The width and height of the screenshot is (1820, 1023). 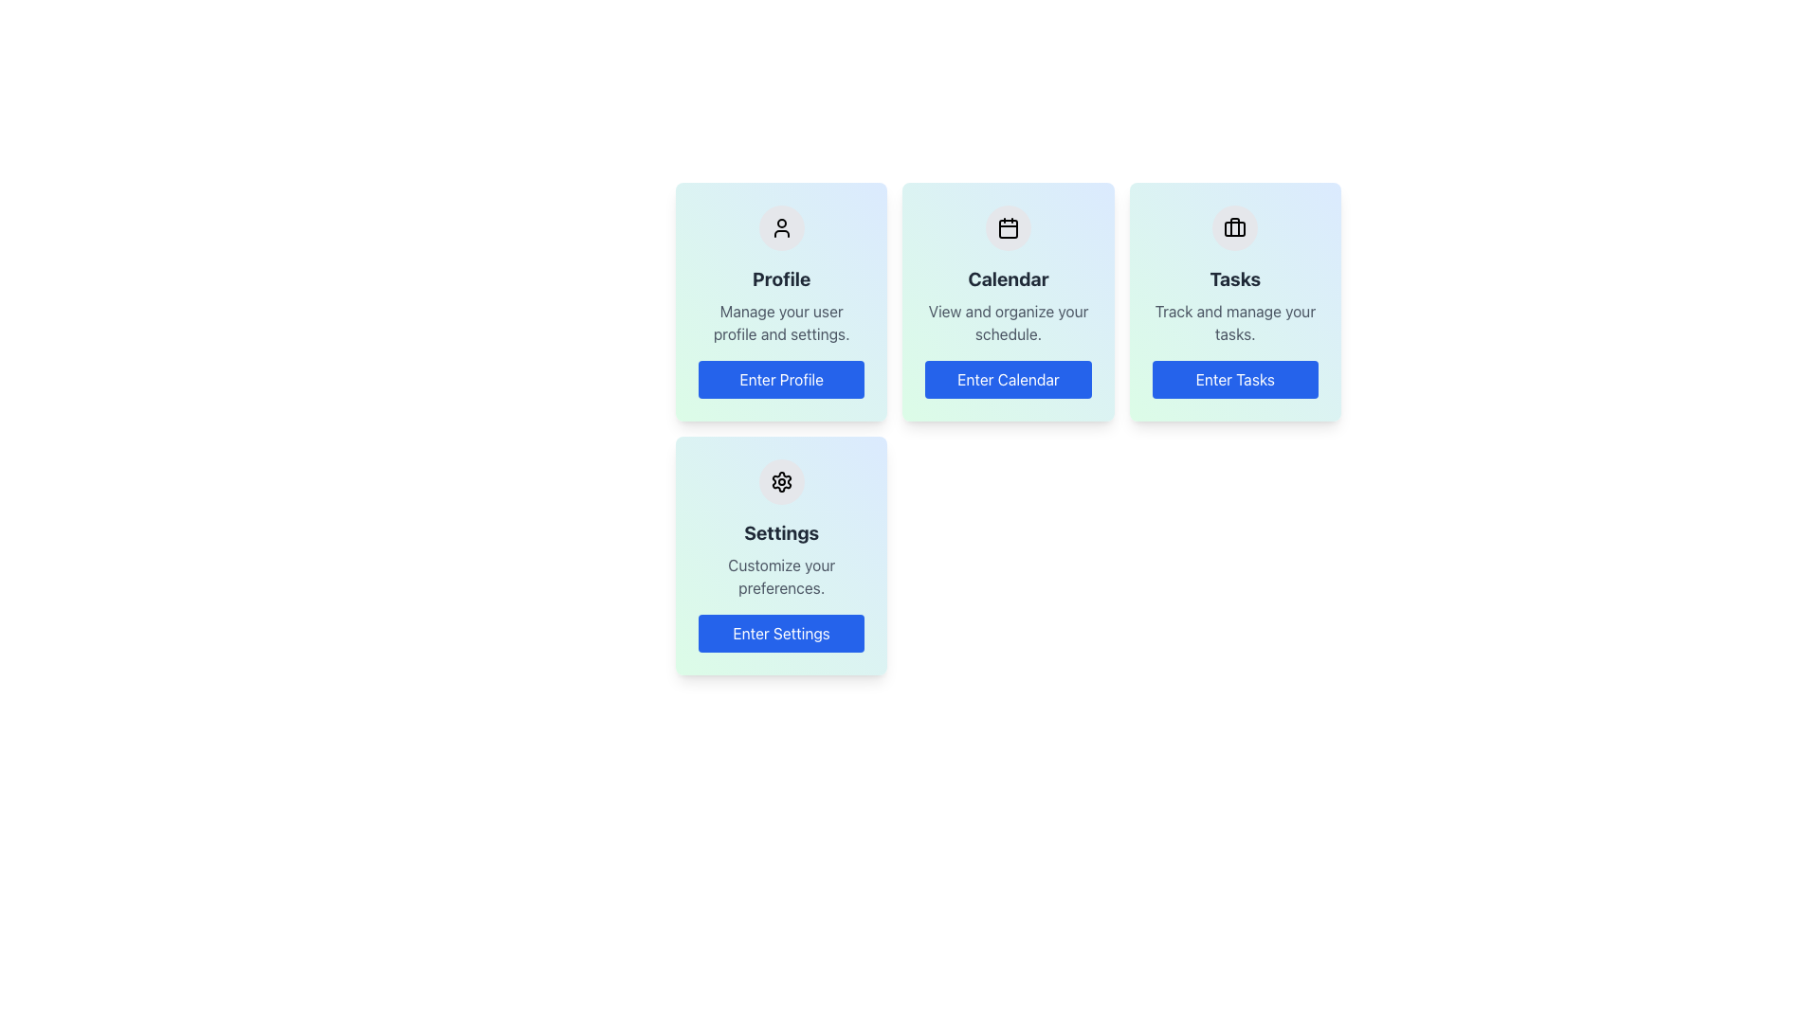 I want to click on the settings icon located within the 'Settings' card component, positioned centrally above the 'Enter Settings' button and below the 'Settings' title, so click(x=781, y=481).